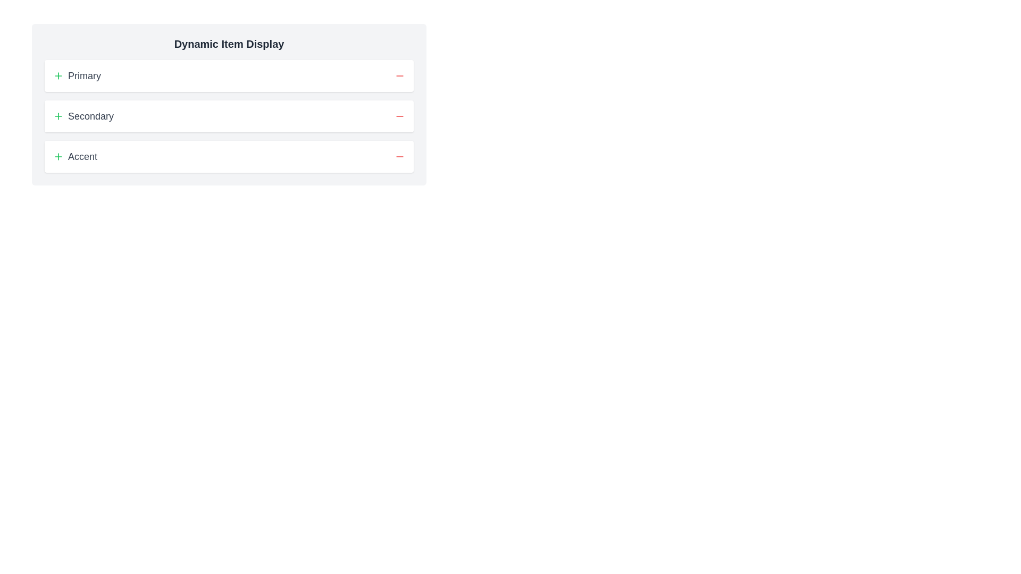  Describe the element at coordinates (229, 44) in the screenshot. I see `the text label displaying 'Dynamic Item Display' in bold, extra-large dark gray font, located at the top of the interface, above the items labeled 'Primary', 'Secondary', and 'Accent'` at that location.